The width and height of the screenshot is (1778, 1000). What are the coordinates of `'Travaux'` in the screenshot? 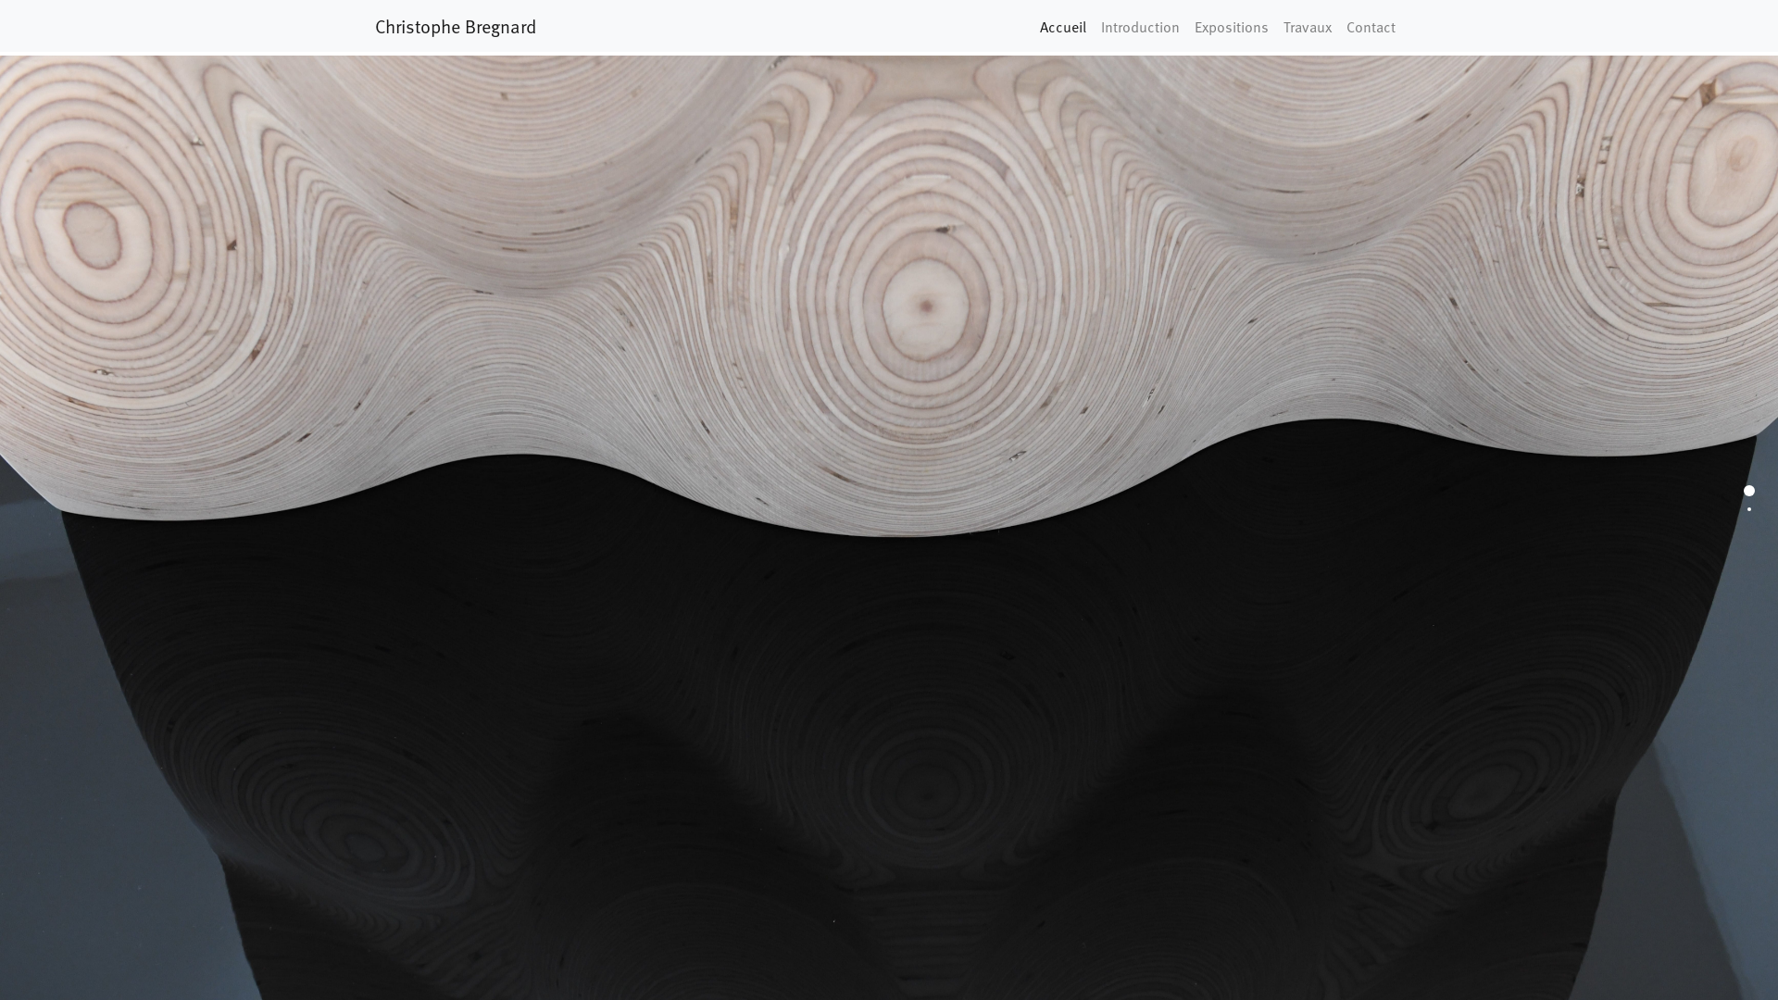 It's located at (1306, 25).